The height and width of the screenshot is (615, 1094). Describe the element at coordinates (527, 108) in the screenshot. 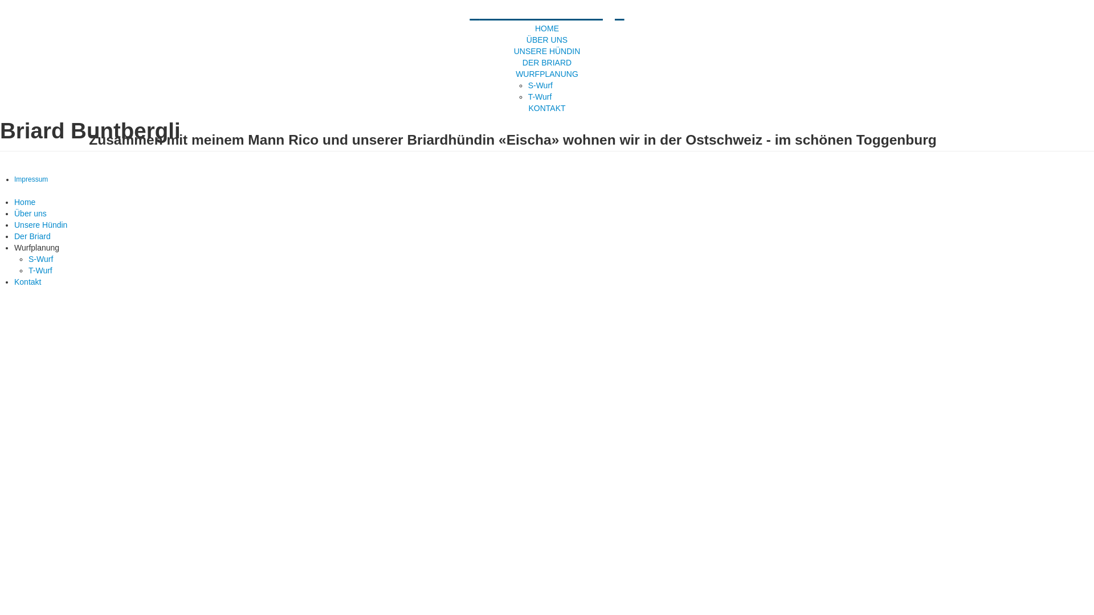

I see `'KONTAKT'` at that location.